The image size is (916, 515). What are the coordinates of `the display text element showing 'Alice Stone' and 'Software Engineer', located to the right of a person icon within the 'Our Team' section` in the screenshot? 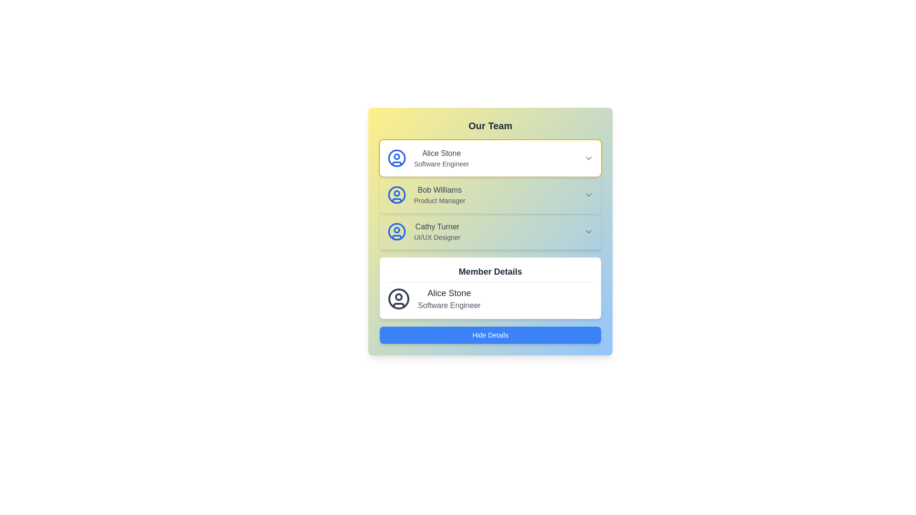 It's located at (441, 157).